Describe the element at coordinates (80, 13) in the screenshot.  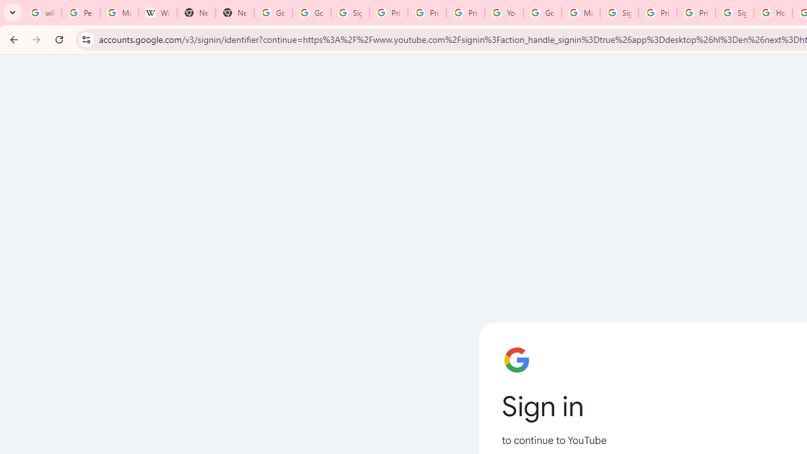
I see `'Personalization & Google Search results - Google Search Help'` at that location.